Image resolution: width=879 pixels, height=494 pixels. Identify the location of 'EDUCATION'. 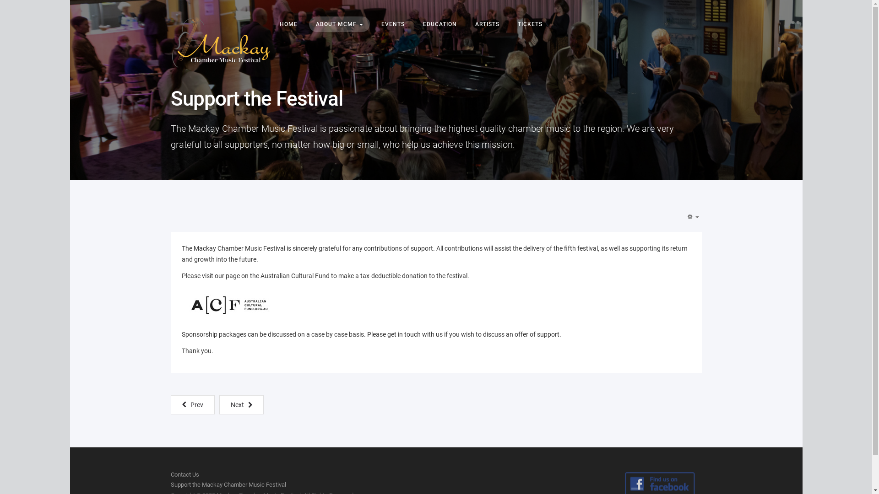
(439, 24).